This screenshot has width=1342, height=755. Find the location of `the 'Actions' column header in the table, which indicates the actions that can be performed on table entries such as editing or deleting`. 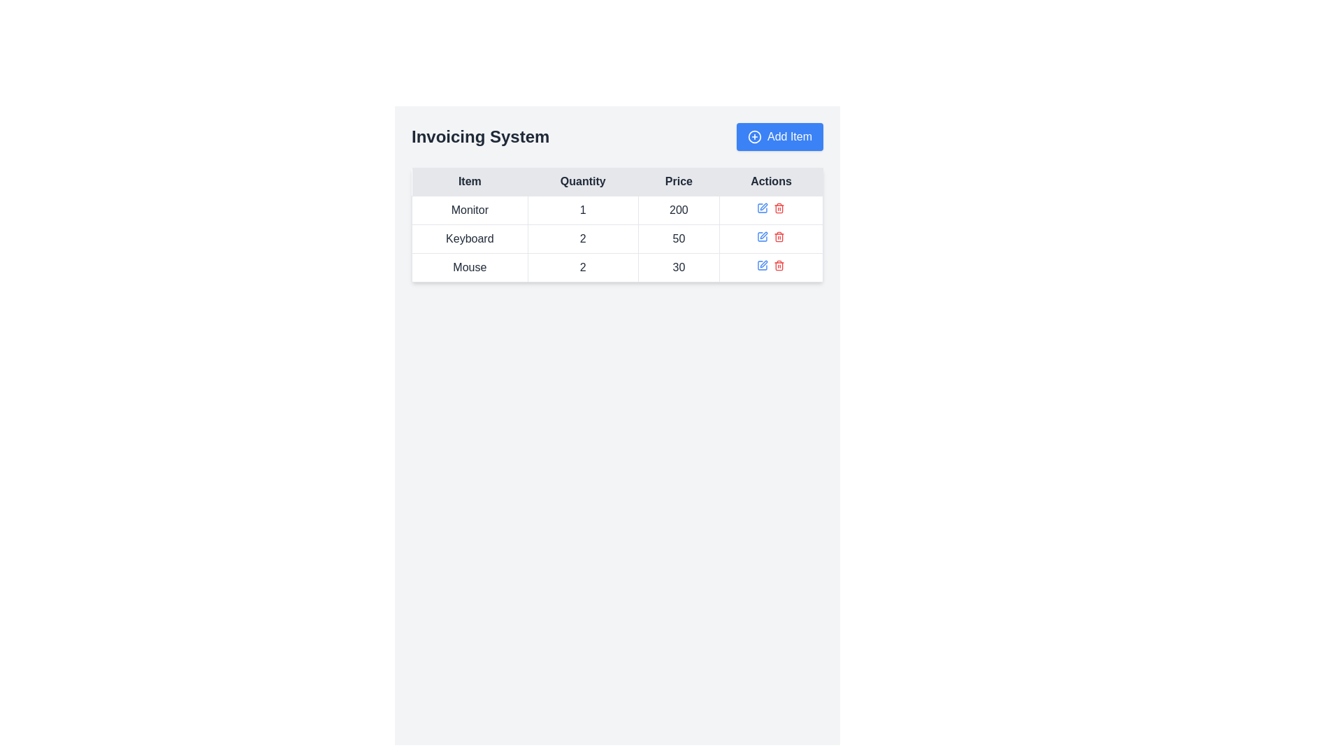

the 'Actions' column header in the table, which indicates the actions that can be performed on table entries such as editing or deleting is located at coordinates (770, 181).